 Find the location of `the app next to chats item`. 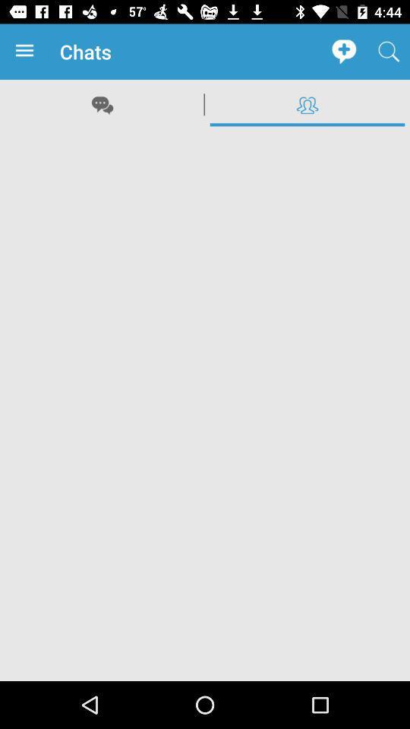

the app next to chats item is located at coordinates (344, 52).